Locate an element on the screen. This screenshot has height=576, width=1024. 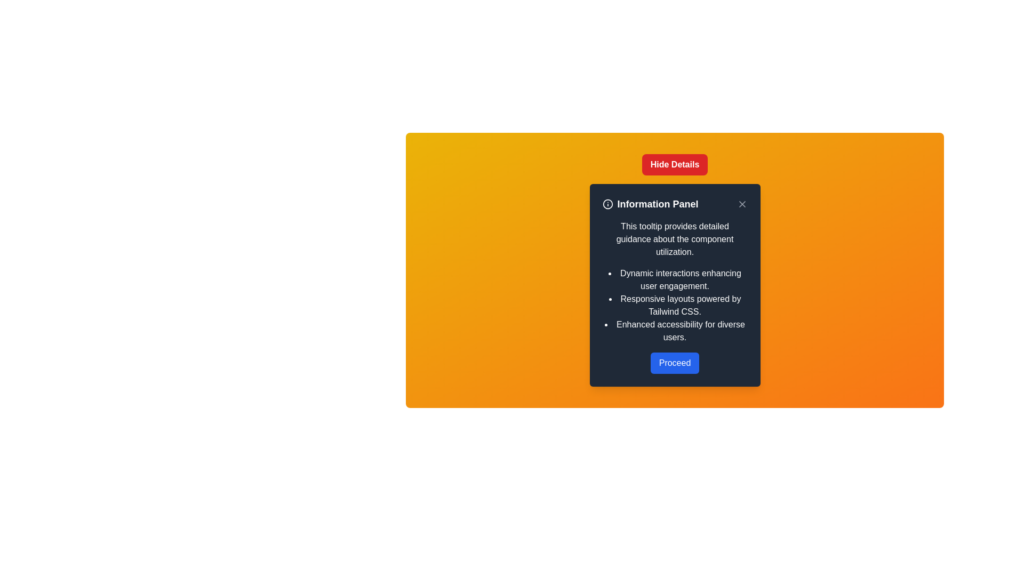
the Close icon located in the top-right corner of the informational panel is located at coordinates (741, 204).